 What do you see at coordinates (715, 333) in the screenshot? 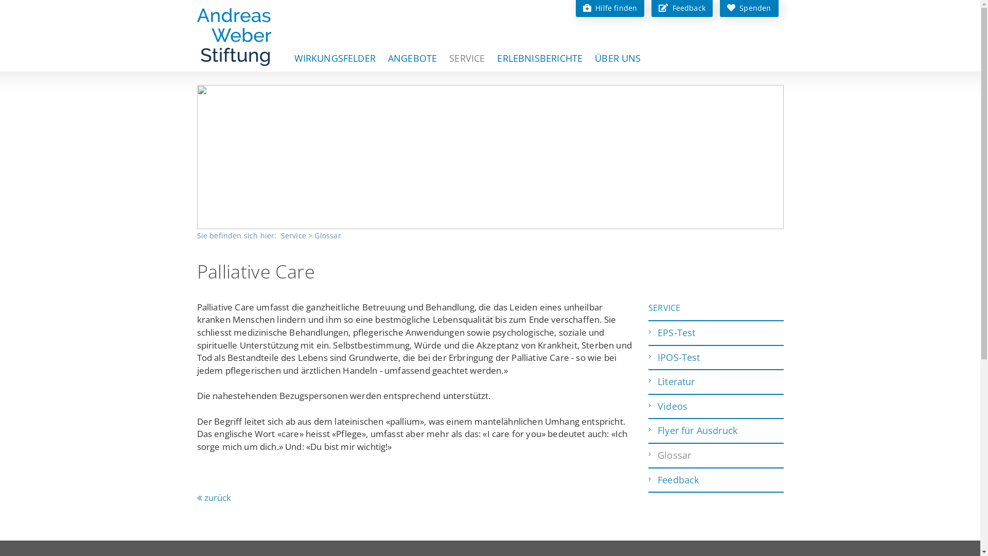
I see `'EPS-Test'` at bounding box center [715, 333].